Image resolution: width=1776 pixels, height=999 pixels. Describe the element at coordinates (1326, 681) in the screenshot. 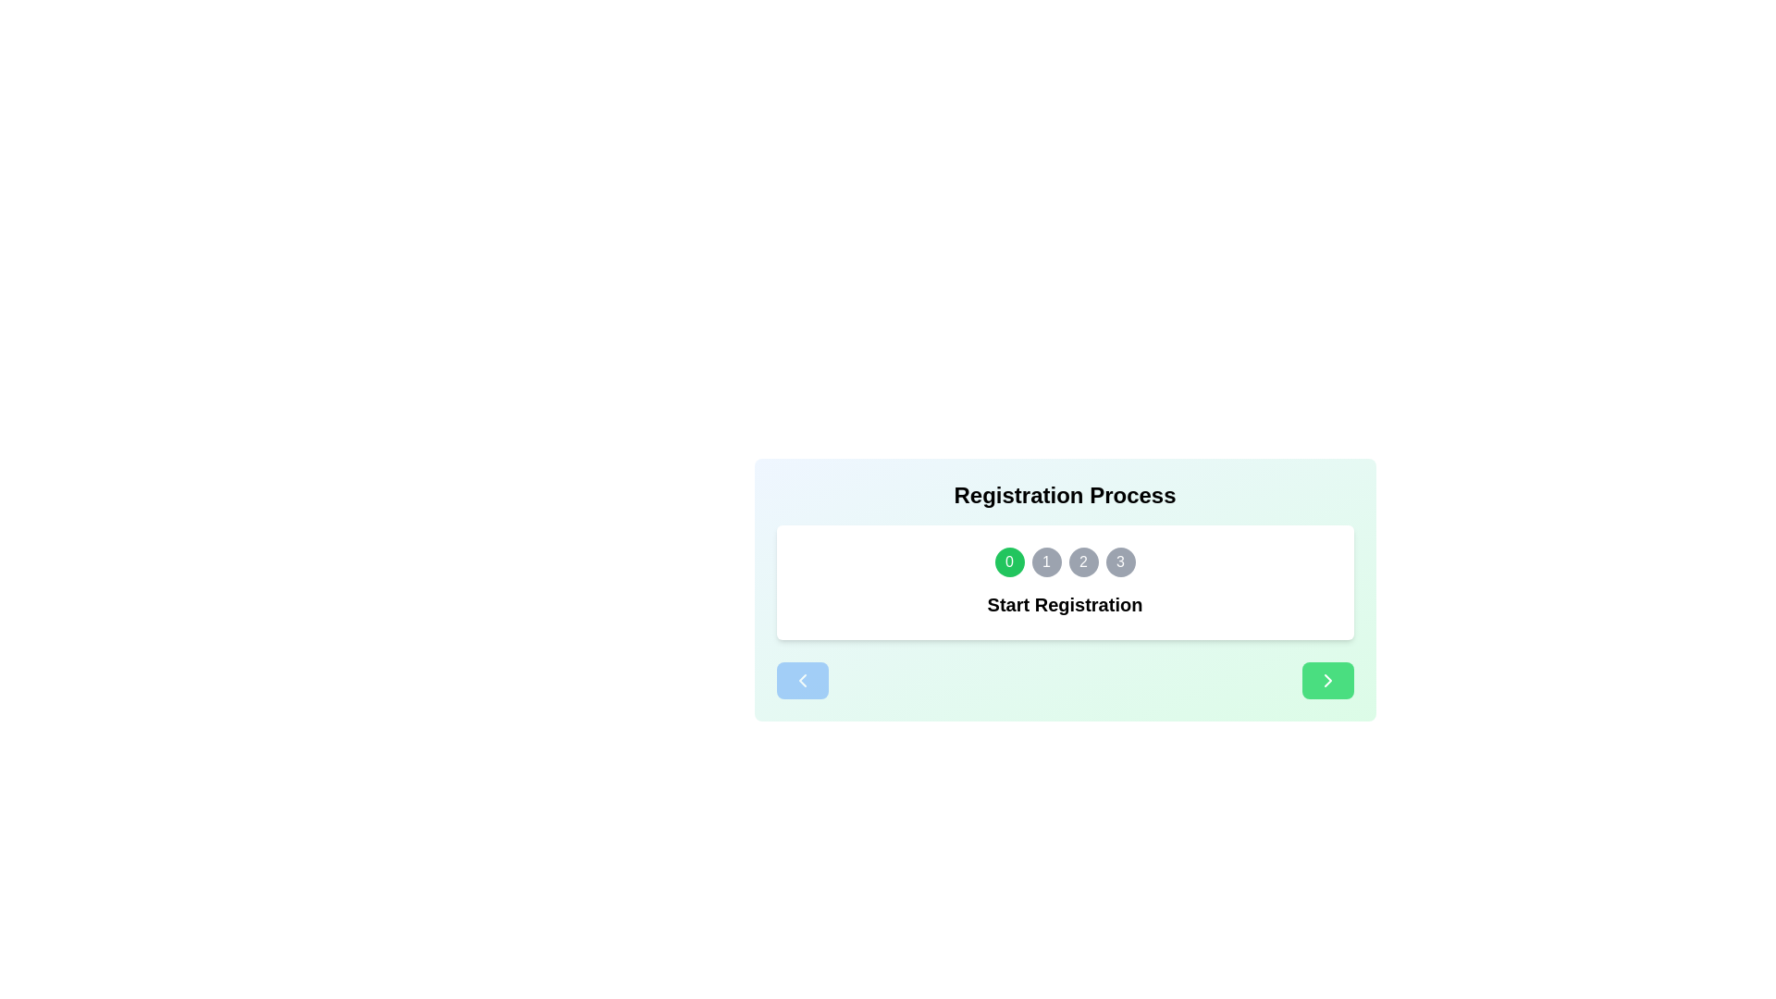

I see `the 'Next' button to navigate to the next step in the registration process` at that location.